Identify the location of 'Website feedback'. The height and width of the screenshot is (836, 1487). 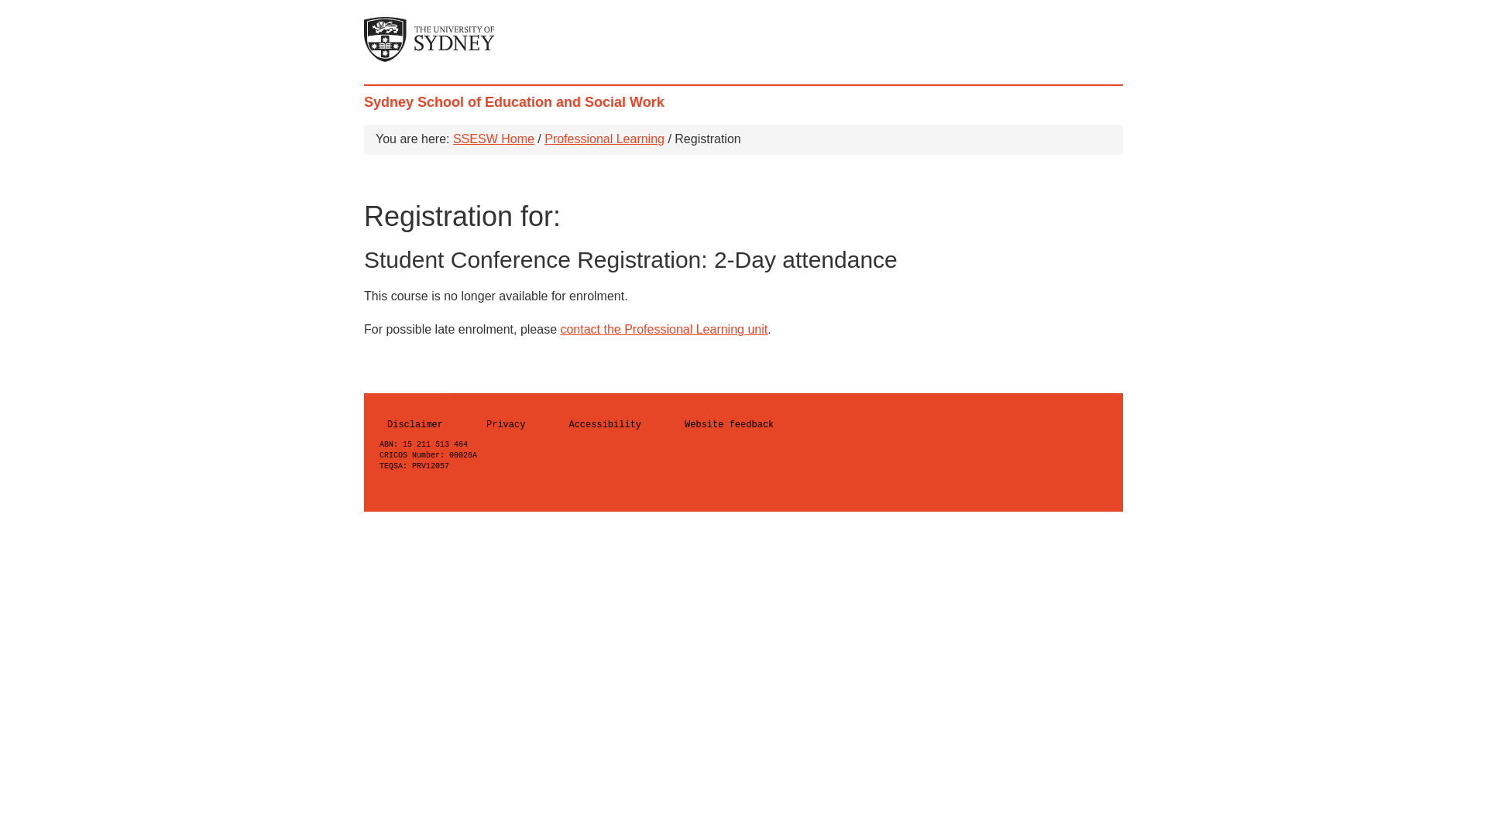
(750, 425).